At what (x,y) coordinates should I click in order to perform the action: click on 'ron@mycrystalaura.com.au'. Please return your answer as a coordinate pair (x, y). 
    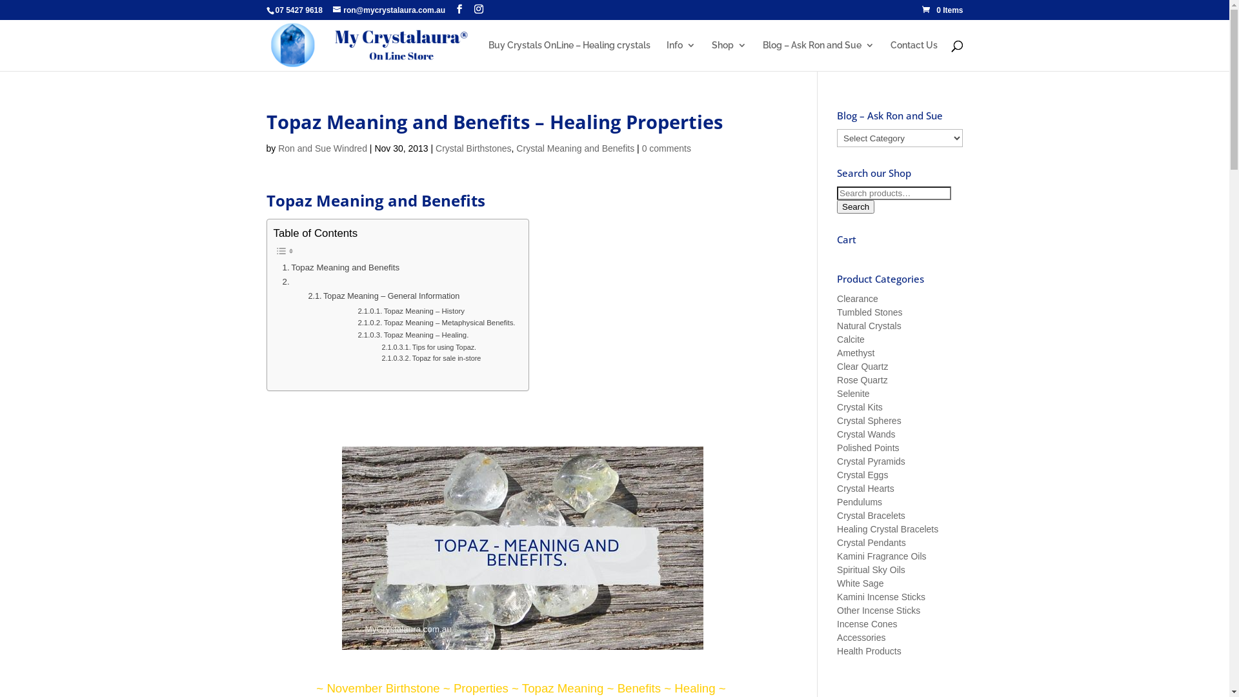
    Looking at the image, I should click on (388, 10).